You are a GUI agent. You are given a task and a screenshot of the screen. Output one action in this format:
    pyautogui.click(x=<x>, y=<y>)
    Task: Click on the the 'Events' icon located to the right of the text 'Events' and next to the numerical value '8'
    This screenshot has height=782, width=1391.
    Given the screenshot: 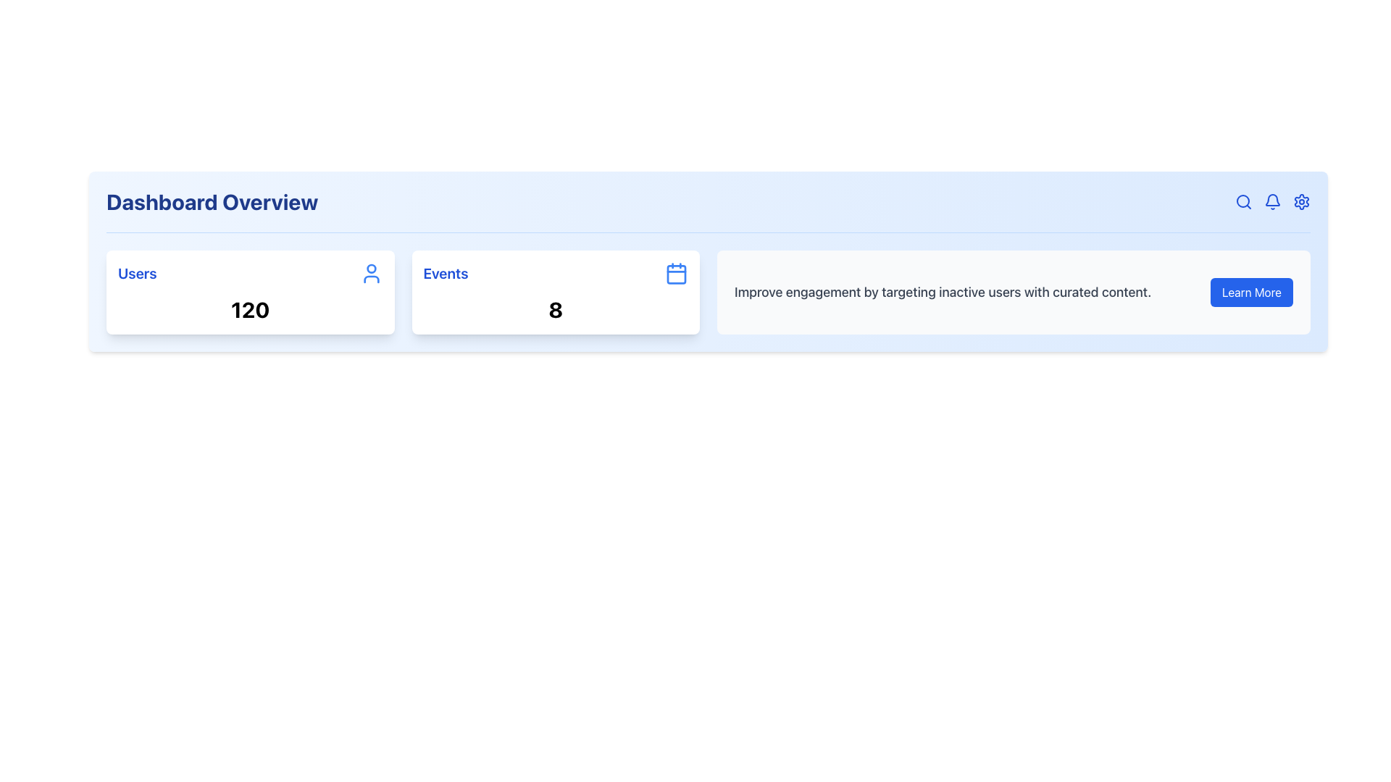 What is the action you would take?
    pyautogui.click(x=676, y=274)
    